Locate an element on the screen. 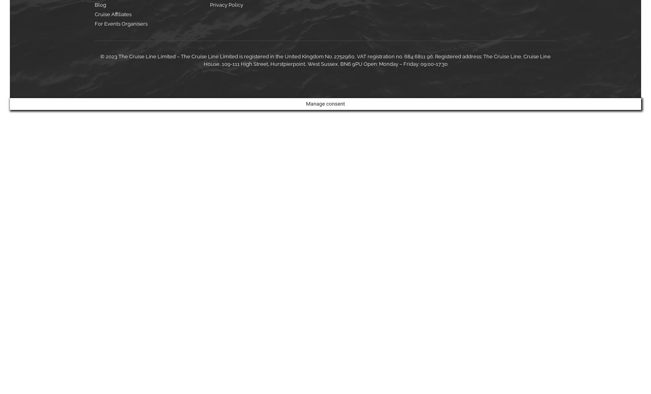  'Submit' is located at coordinates (325, 124).